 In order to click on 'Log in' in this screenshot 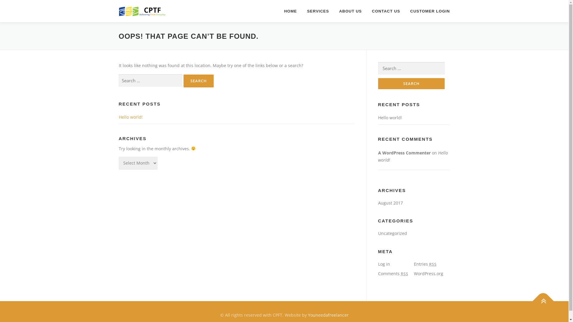, I will do `click(384, 264)`.